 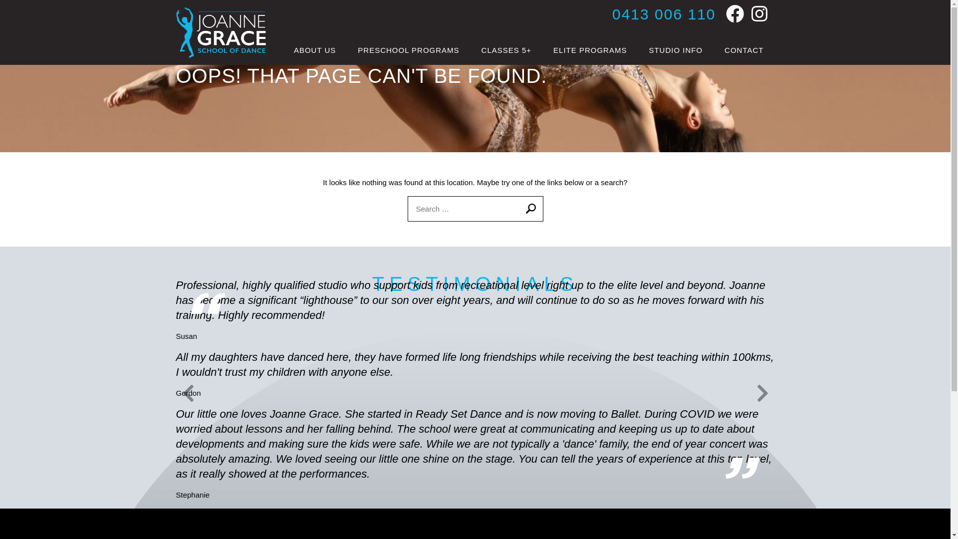 I want to click on 'CLASSES 5+', so click(x=506, y=50).